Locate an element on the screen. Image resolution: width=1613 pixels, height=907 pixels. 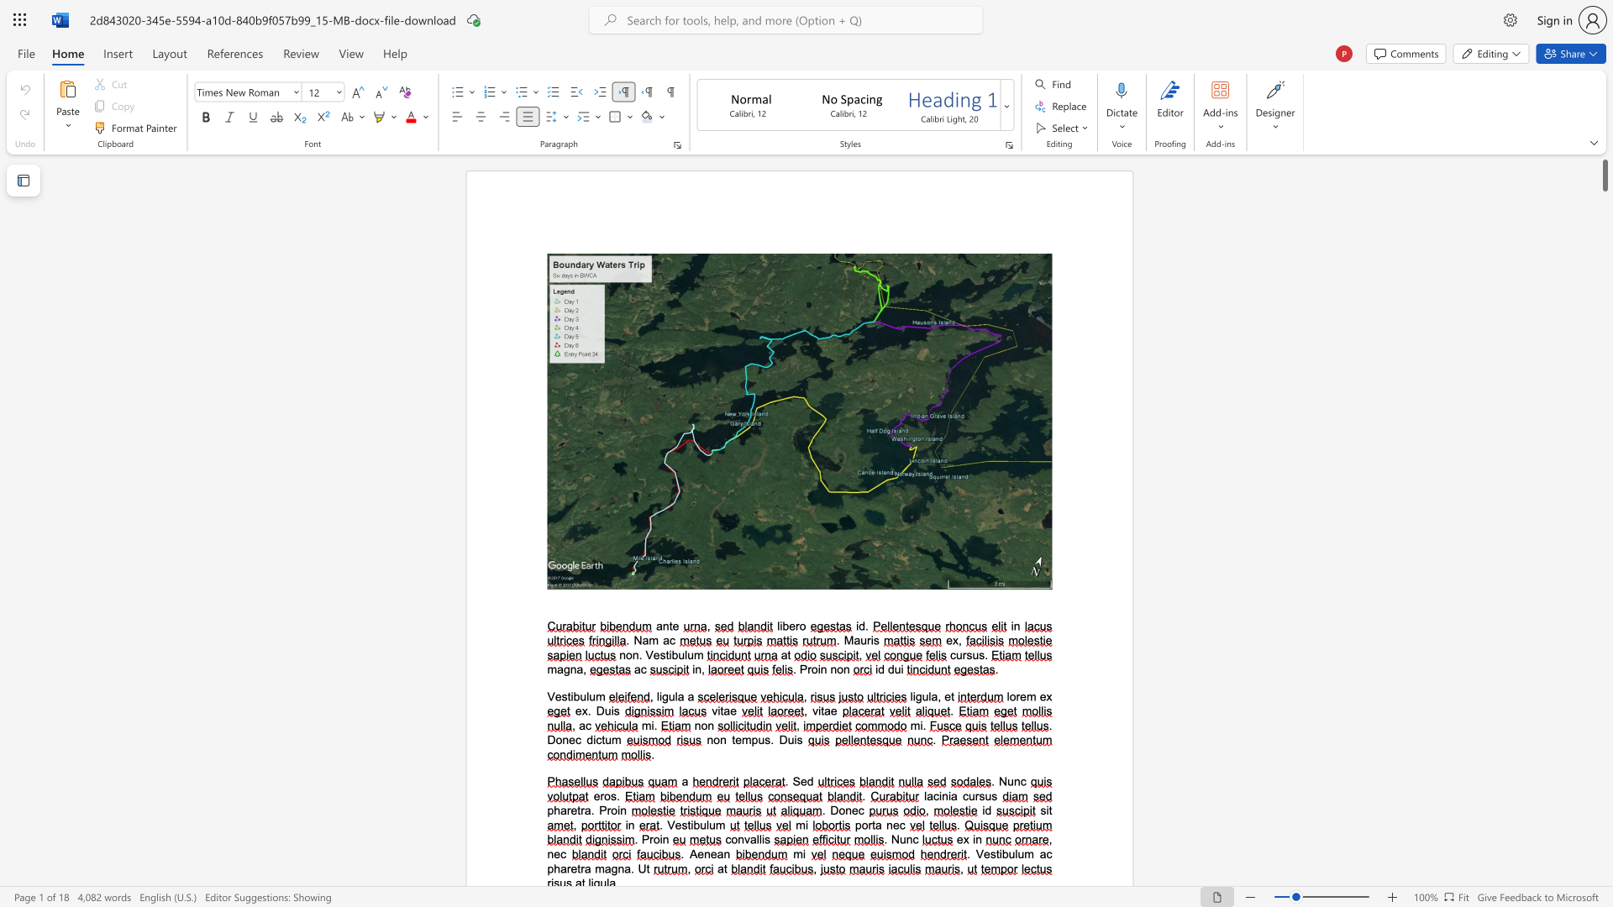
the 1th character "b" in the text is located at coordinates (675, 654).